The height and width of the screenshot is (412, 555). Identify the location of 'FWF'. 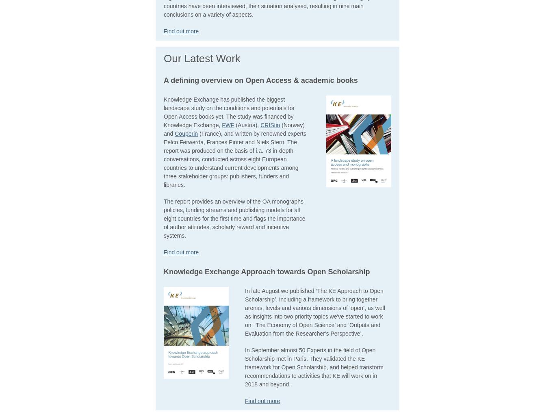
(228, 125).